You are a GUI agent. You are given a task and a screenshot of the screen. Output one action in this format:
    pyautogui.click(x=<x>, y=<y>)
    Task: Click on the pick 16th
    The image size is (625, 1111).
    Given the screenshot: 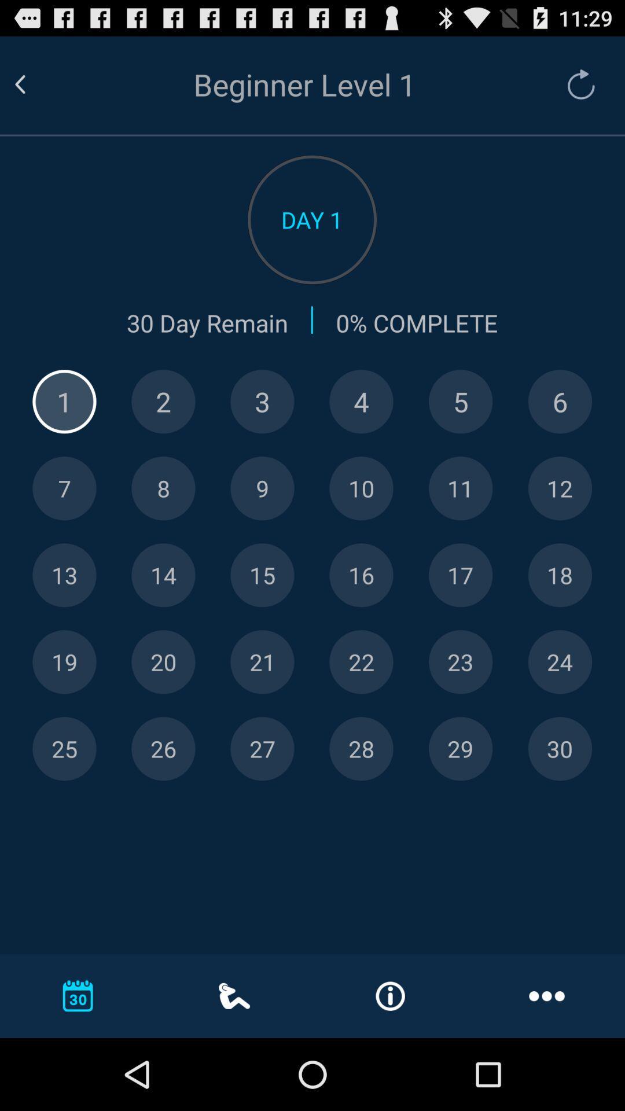 What is the action you would take?
    pyautogui.click(x=361, y=575)
    